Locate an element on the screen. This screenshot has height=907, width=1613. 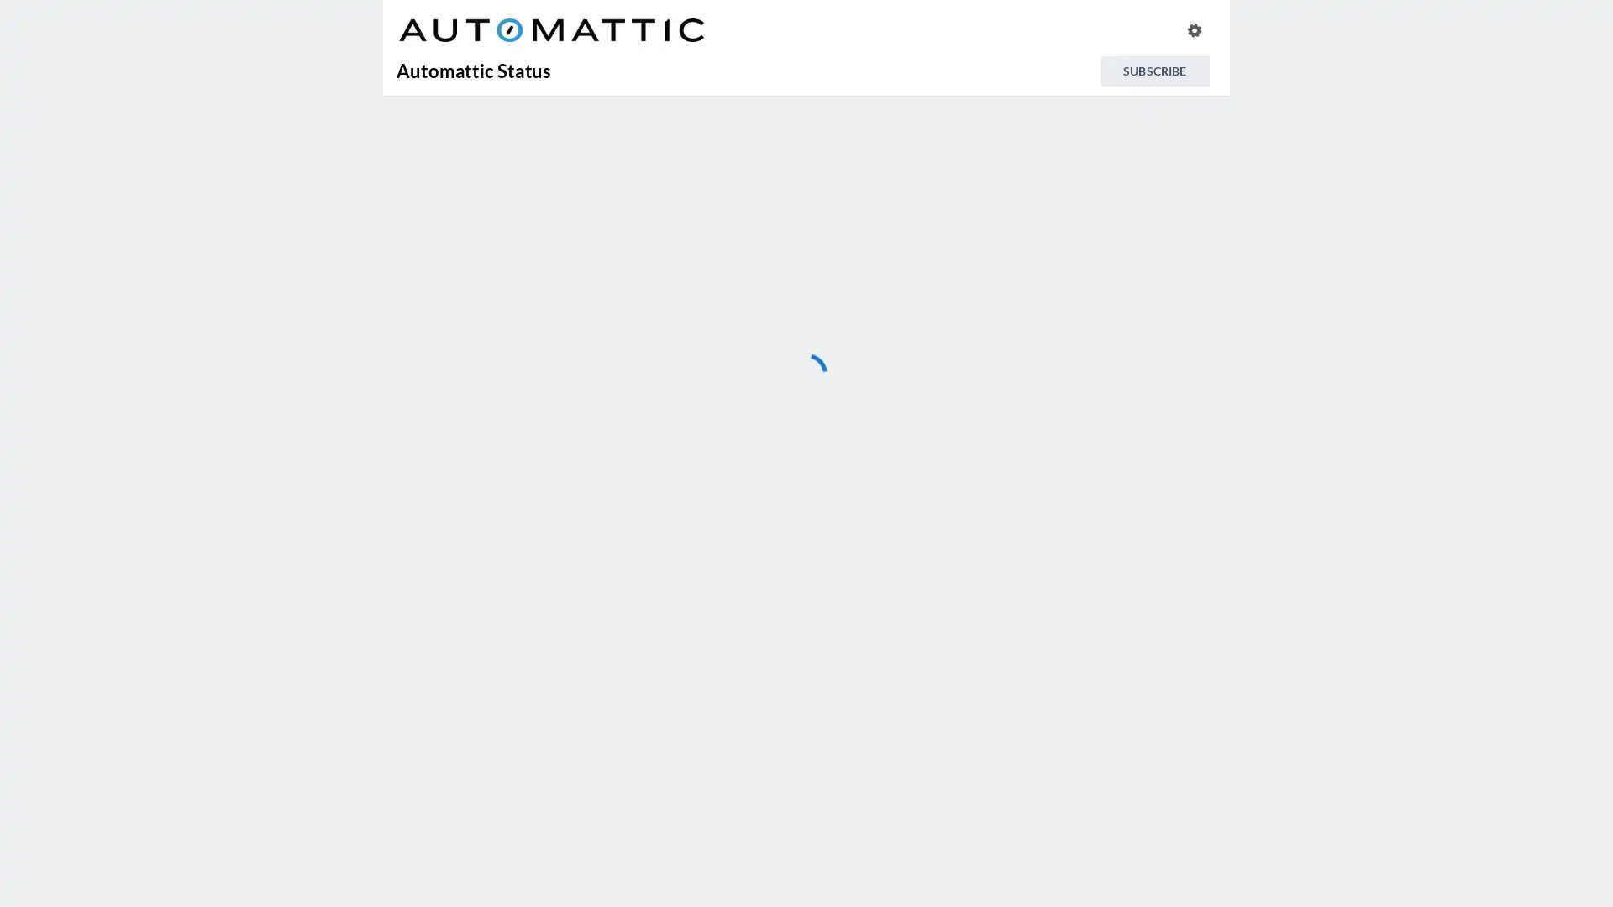
IntenseDebate Response Time : 551 ms is located at coordinates (704, 484).